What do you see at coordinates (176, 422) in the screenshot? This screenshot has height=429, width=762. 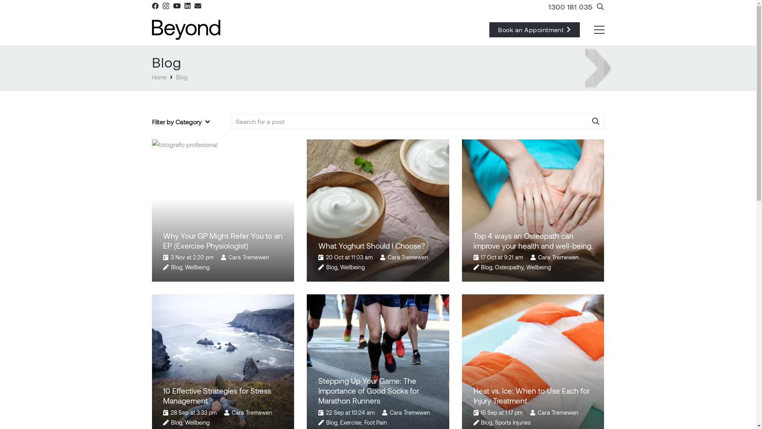 I see `'Blog'` at bounding box center [176, 422].